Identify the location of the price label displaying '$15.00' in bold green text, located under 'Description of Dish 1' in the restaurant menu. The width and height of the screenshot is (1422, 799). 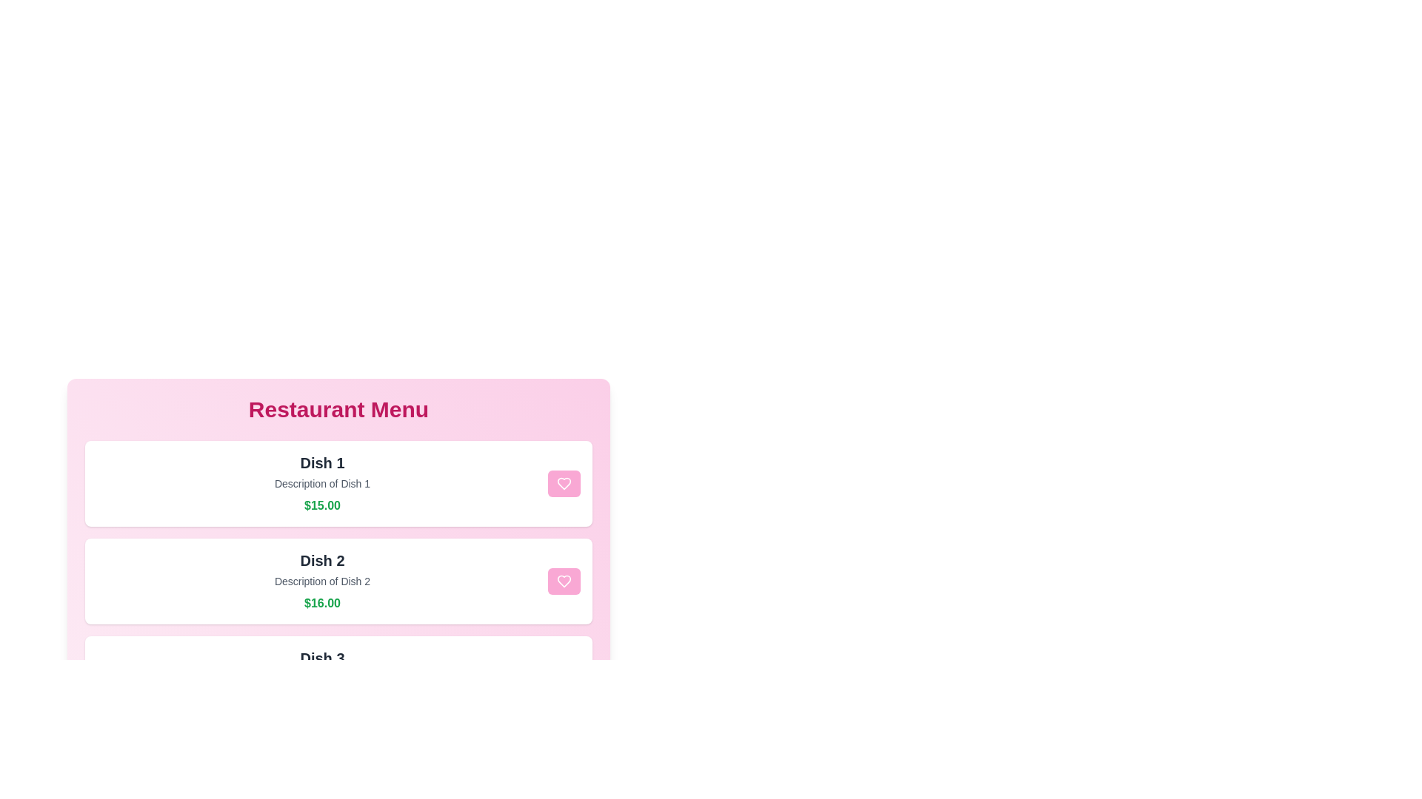
(321, 505).